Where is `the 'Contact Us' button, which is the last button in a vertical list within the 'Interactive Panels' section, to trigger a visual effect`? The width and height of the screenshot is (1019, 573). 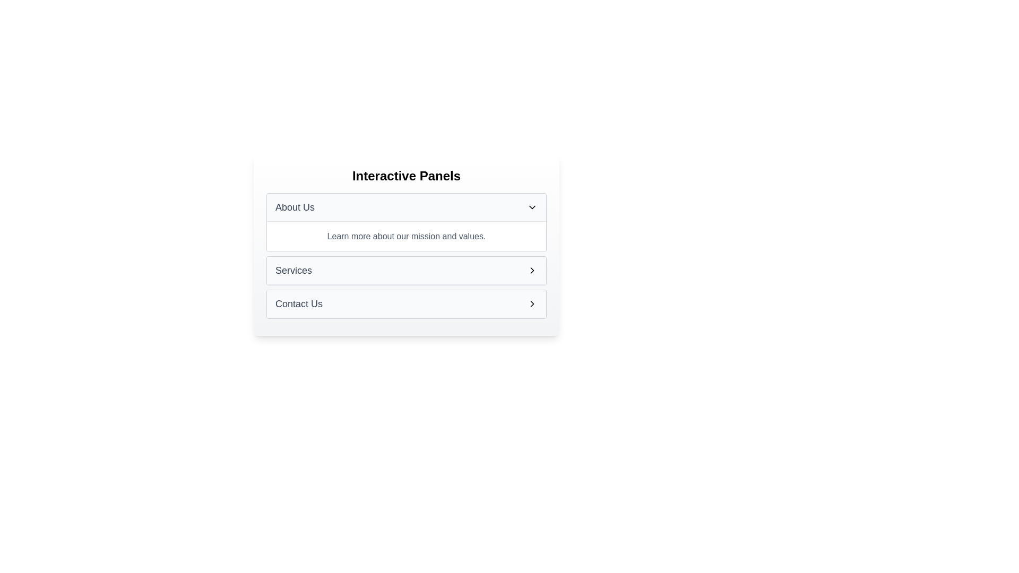
the 'Contact Us' button, which is the last button in a vertical list within the 'Interactive Panels' section, to trigger a visual effect is located at coordinates (406, 304).